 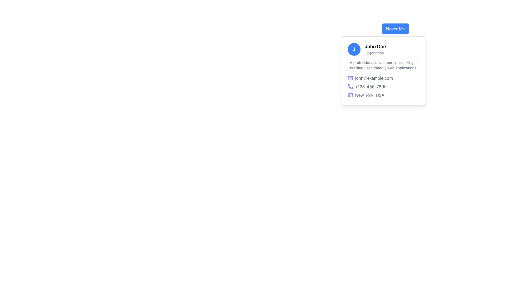 What do you see at coordinates (350, 78) in the screenshot?
I see `the envelope-shaped icon in the email contact card located to the left of the email address 'john@example.com'` at bounding box center [350, 78].